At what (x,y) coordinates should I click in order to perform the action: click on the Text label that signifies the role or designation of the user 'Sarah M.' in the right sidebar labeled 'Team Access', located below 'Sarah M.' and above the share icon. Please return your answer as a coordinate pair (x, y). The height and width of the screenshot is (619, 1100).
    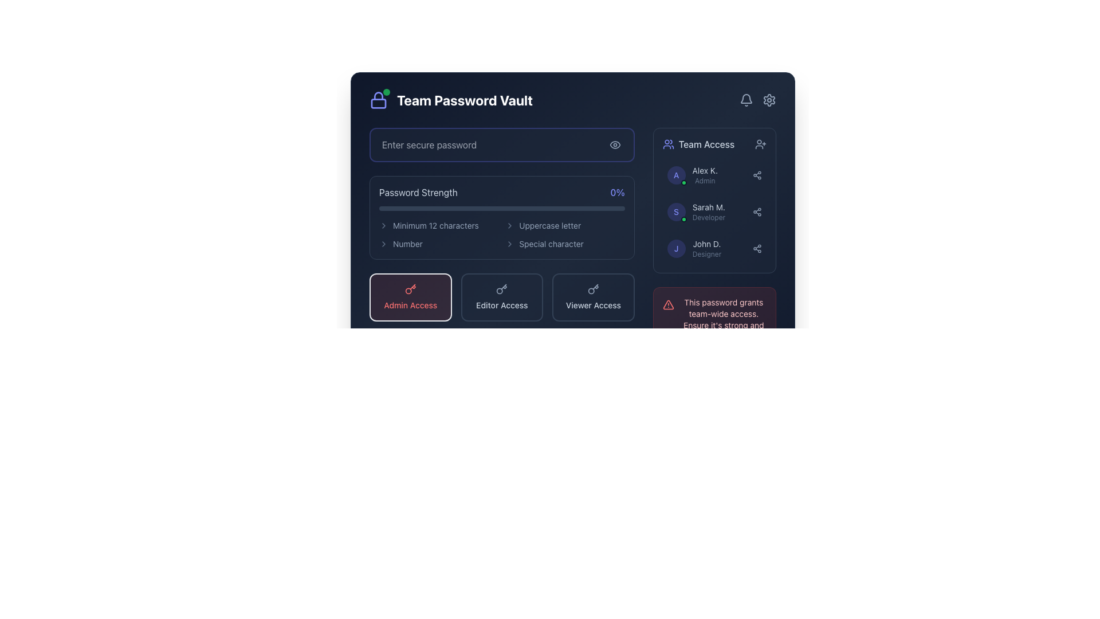
    Looking at the image, I should click on (708, 218).